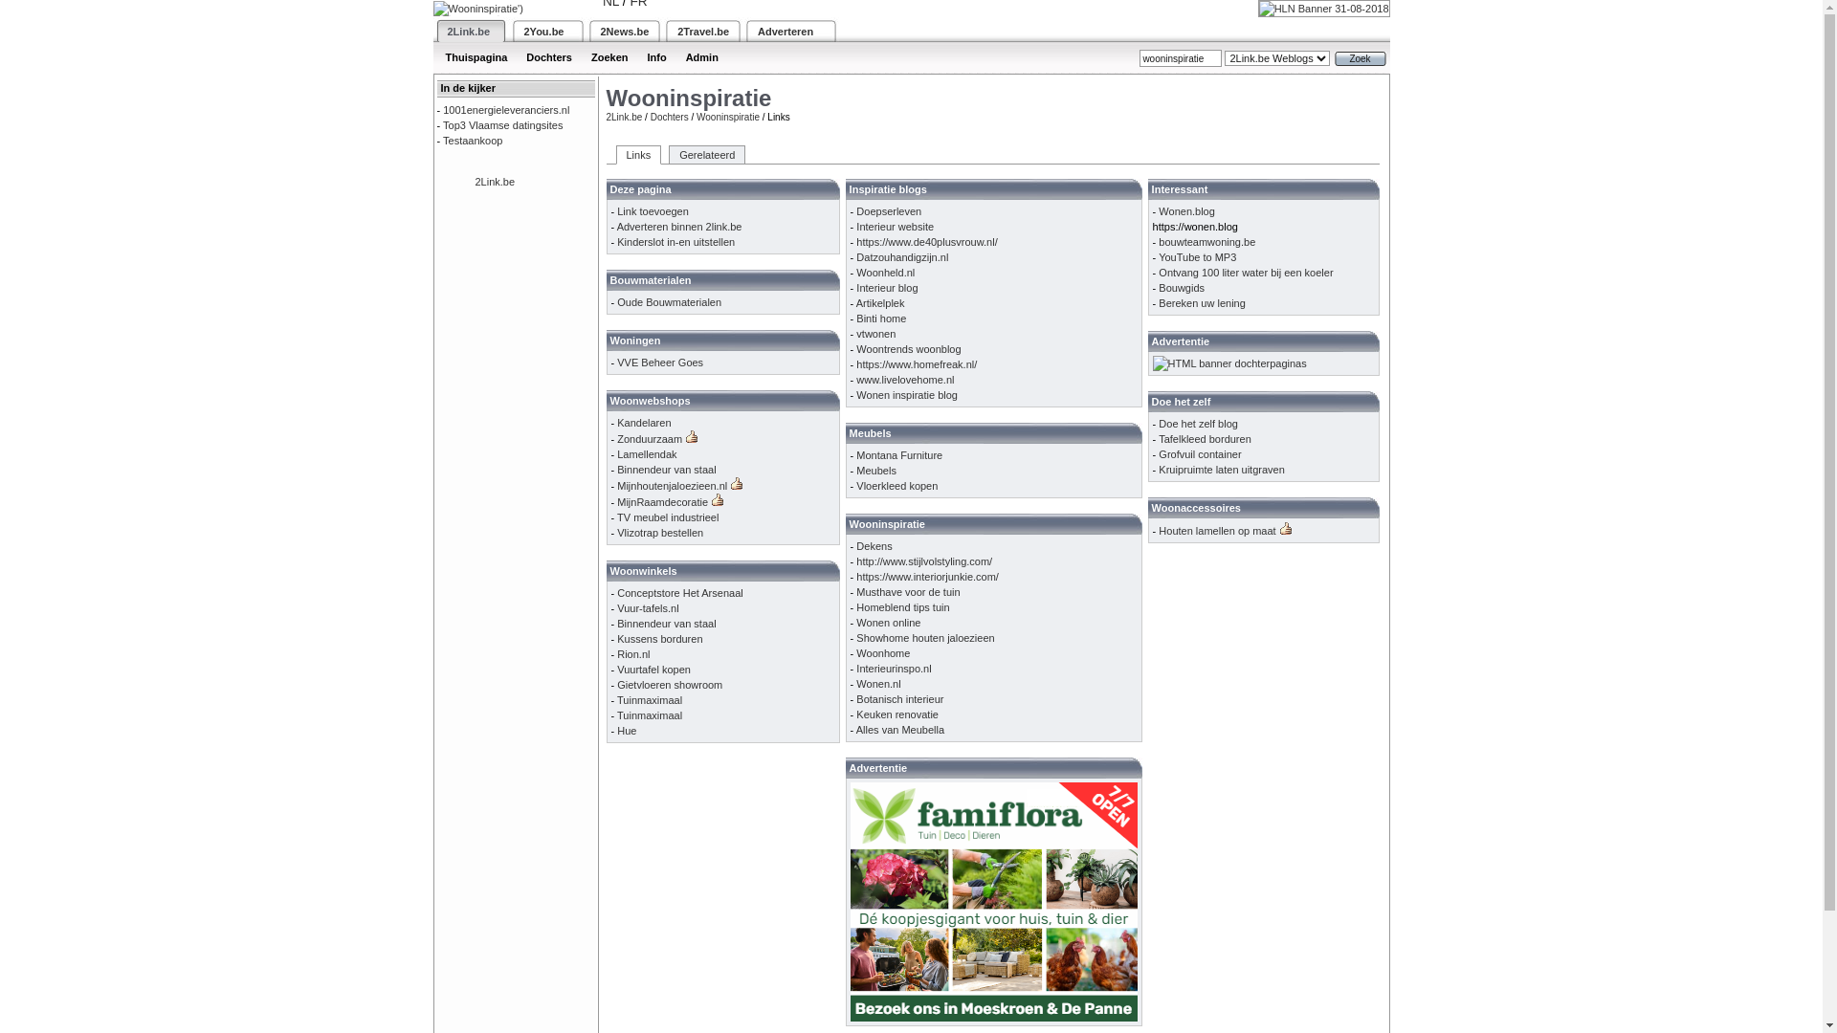 Image resolution: width=1837 pixels, height=1033 pixels. Describe the element at coordinates (543, 32) in the screenshot. I see `'2You.be'` at that location.